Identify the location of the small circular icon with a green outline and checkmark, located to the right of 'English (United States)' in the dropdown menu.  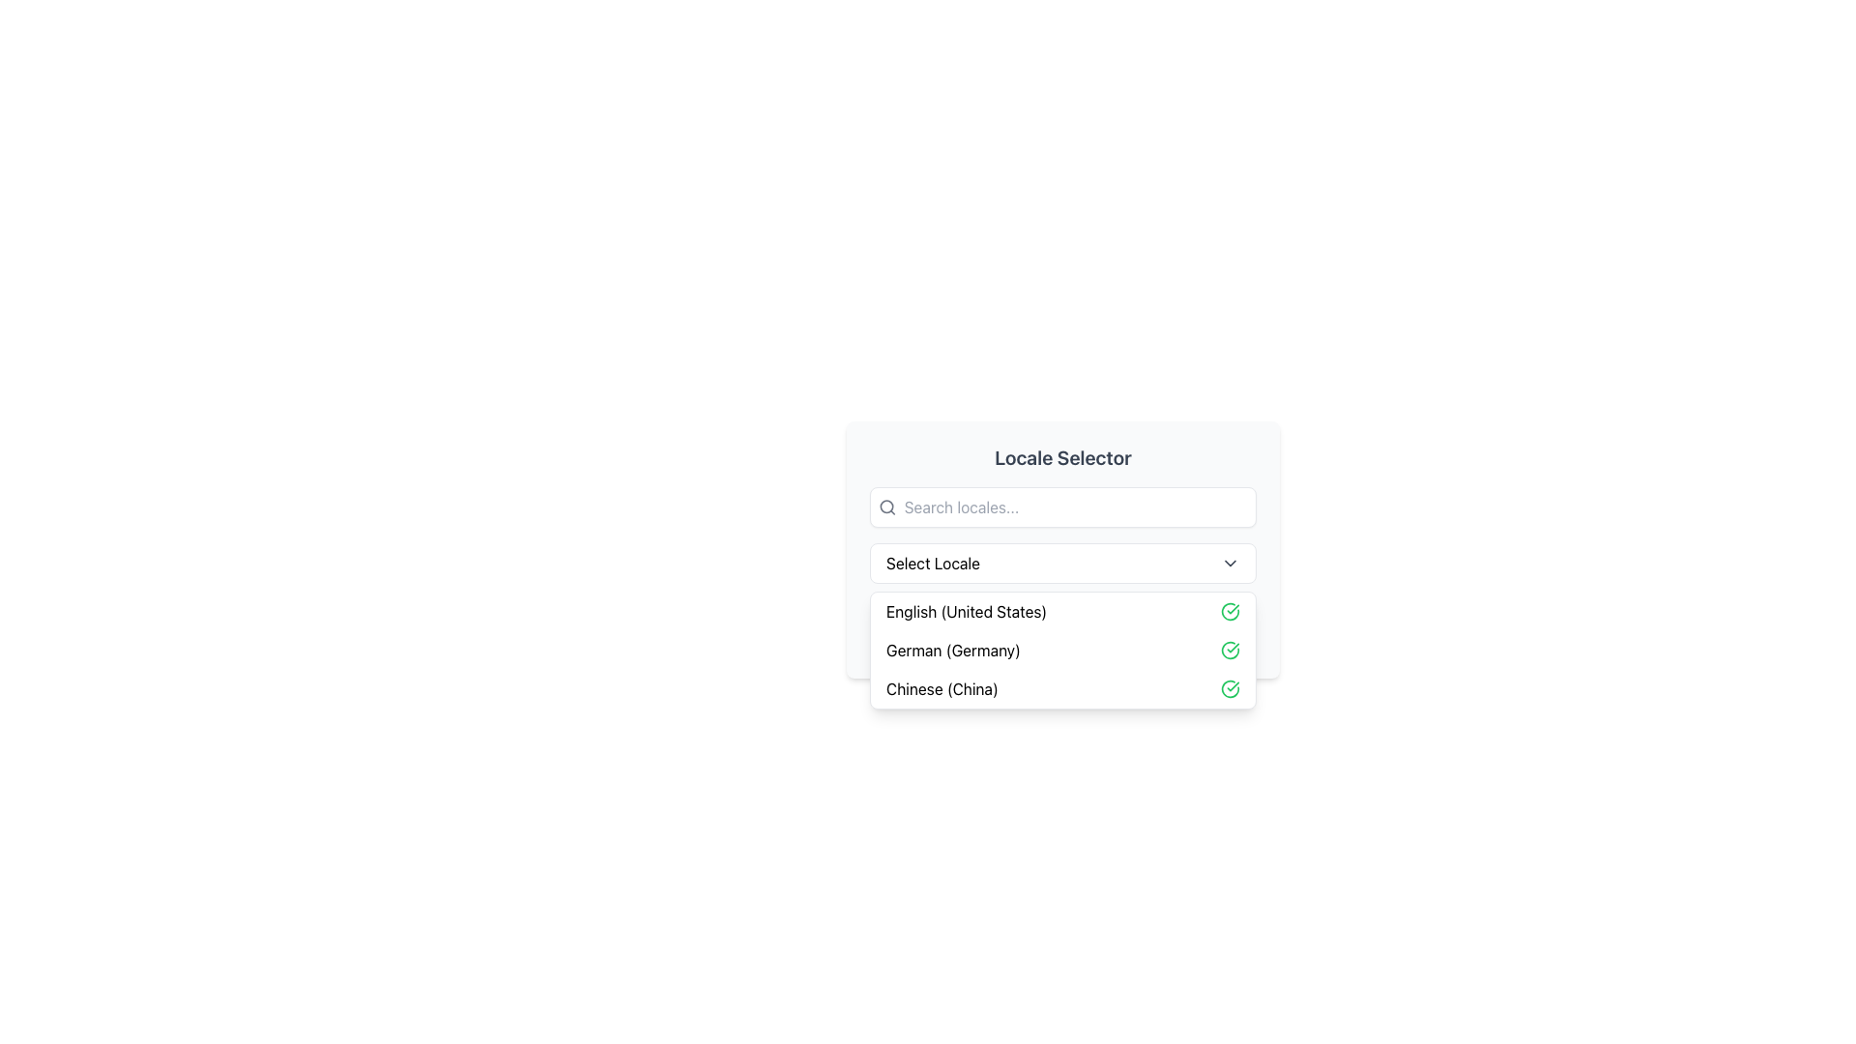
(1229, 611).